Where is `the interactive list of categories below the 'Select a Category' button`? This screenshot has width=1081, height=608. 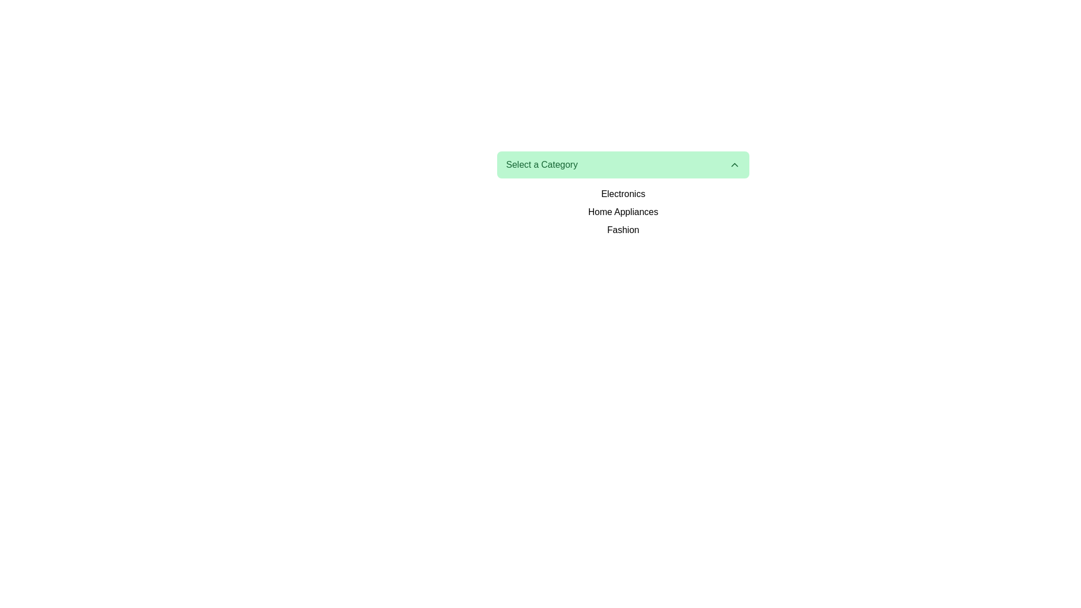 the interactive list of categories below the 'Select a Category' button is located at coordinates (623, 212).